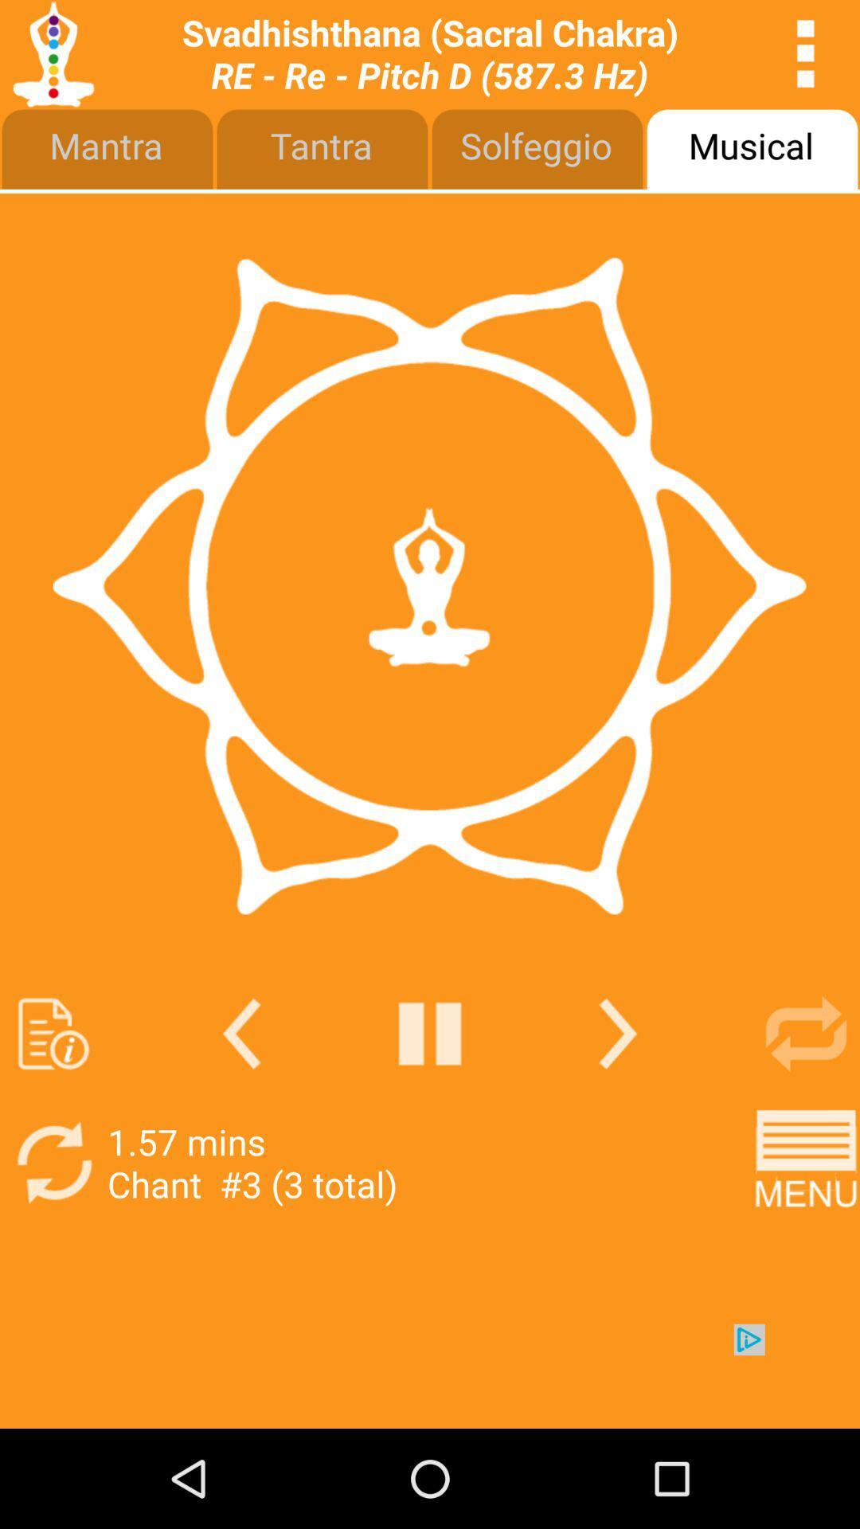 The height and width of the screenshot is (1529, 860). Describe the element at coordinates (53, 1163) in the screenshot. I see `click refresh` at that location.